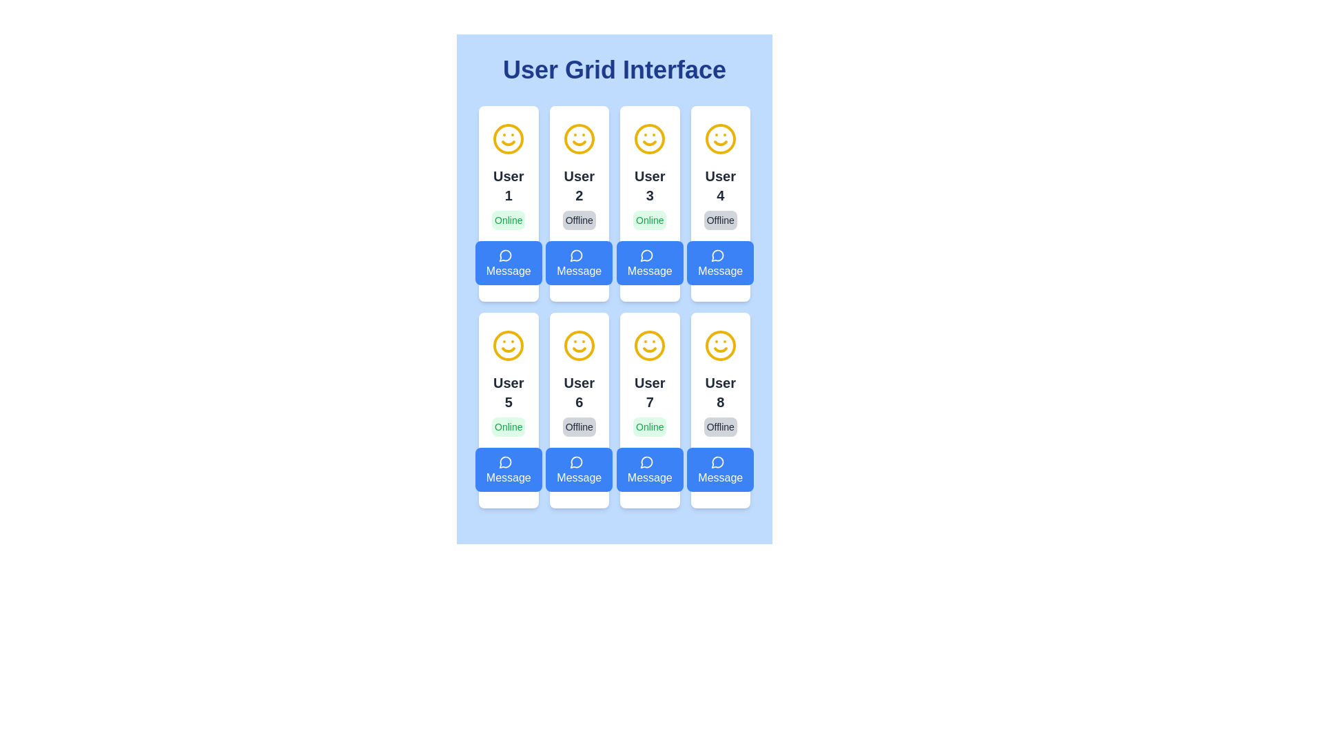 The width and height of the screenshot is (1323, 744). Describe the element at coordinates (719, 143) in the screenshot. I see `the smiley face icon located in the first row and fourth column of the user card grid layout, which features a curved line representing a smile` at that location.